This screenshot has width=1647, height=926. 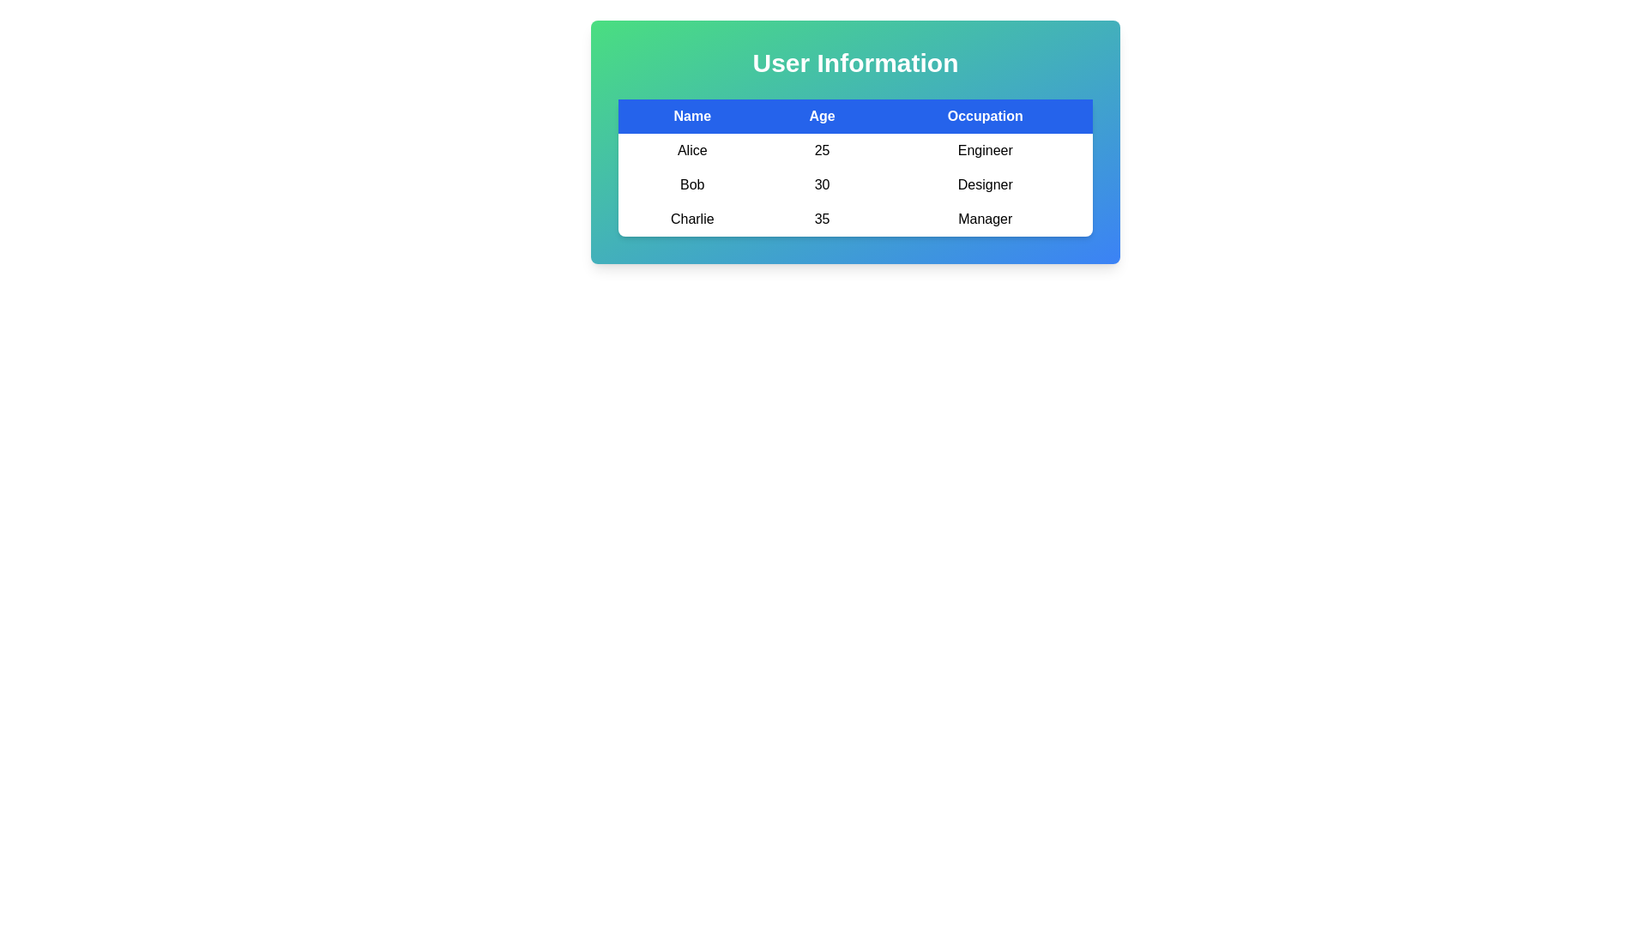 I want to click on text from the Text Label displaying 'Manager' in the 'Occupation' column for the row corresponding to 'Charlie' in the User Information table, so click(x=985, y=218).